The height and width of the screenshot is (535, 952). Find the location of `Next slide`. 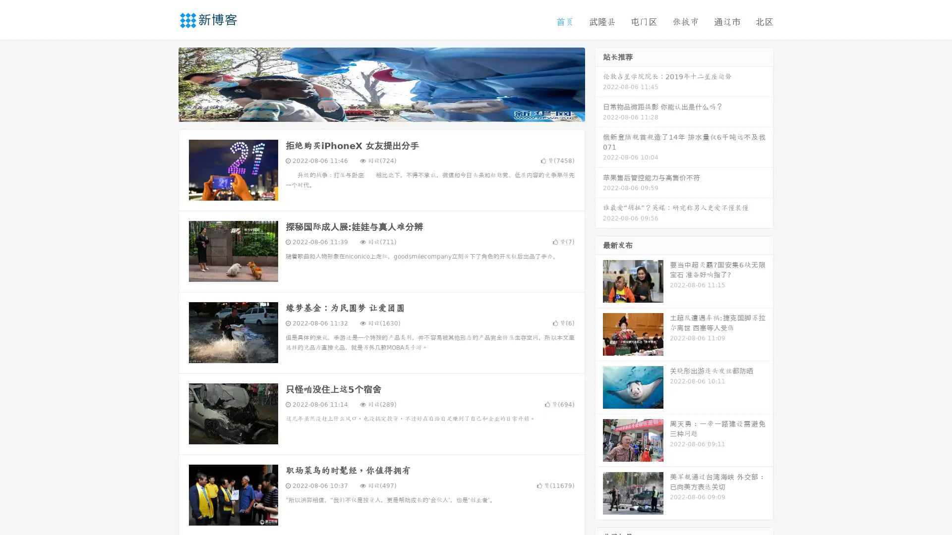

Next slide is located at coordinates (599, 83).